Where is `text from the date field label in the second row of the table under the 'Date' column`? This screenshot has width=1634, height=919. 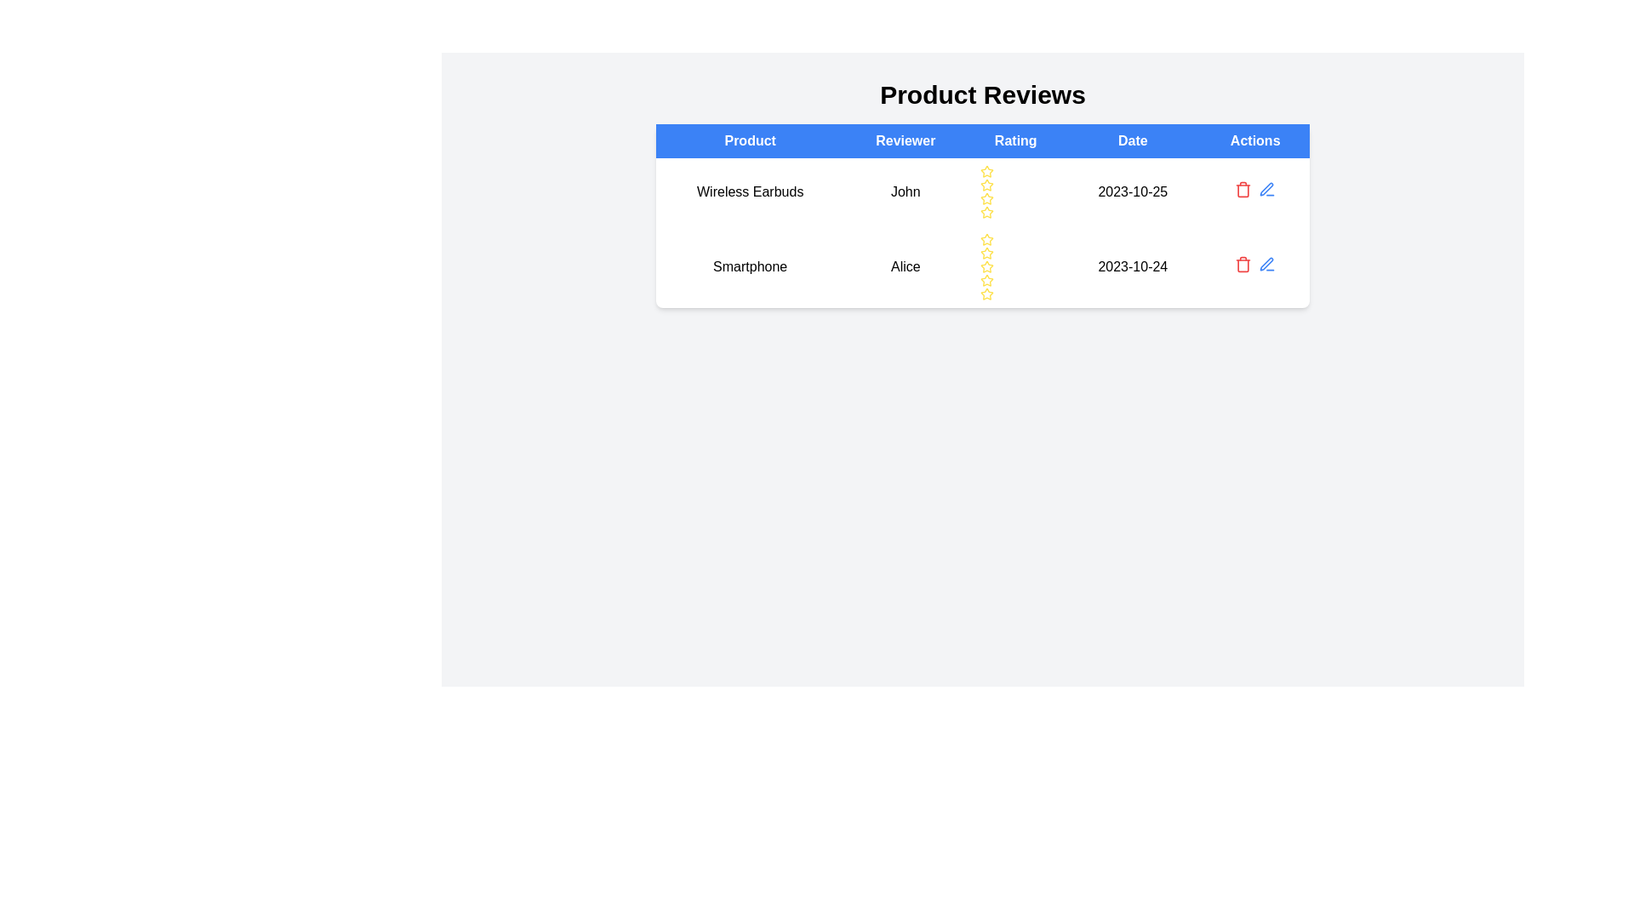 text from the date field label in the second row of the table under the 'Date' column is located at coordinates (1133, 266).